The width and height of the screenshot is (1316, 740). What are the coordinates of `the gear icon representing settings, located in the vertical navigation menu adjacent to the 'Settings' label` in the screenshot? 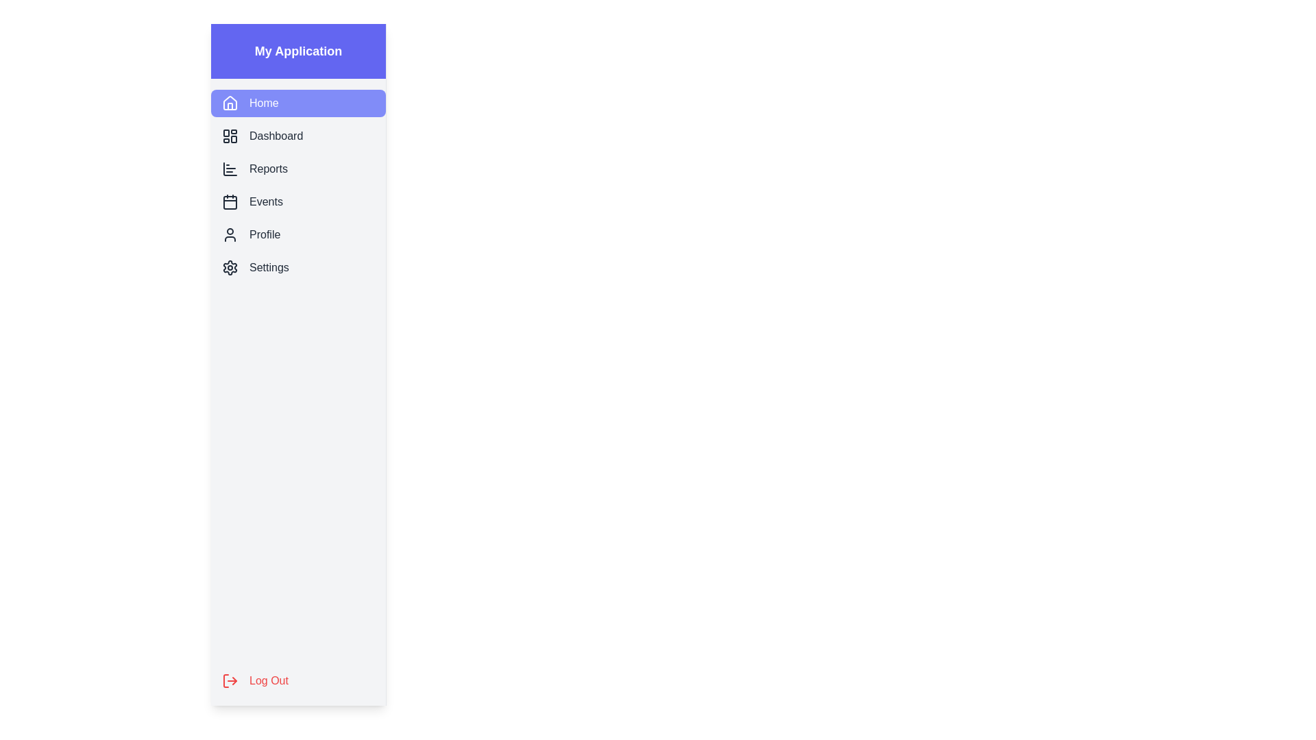 It's located at (230, 267).